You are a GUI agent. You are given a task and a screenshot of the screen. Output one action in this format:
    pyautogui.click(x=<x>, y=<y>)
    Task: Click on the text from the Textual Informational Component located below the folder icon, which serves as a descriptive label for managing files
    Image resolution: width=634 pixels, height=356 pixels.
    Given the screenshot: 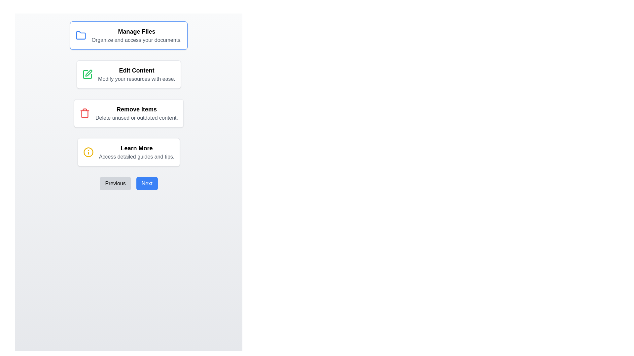 What is the action you would take?
    pyautogui.click(x=136, y=36)
    